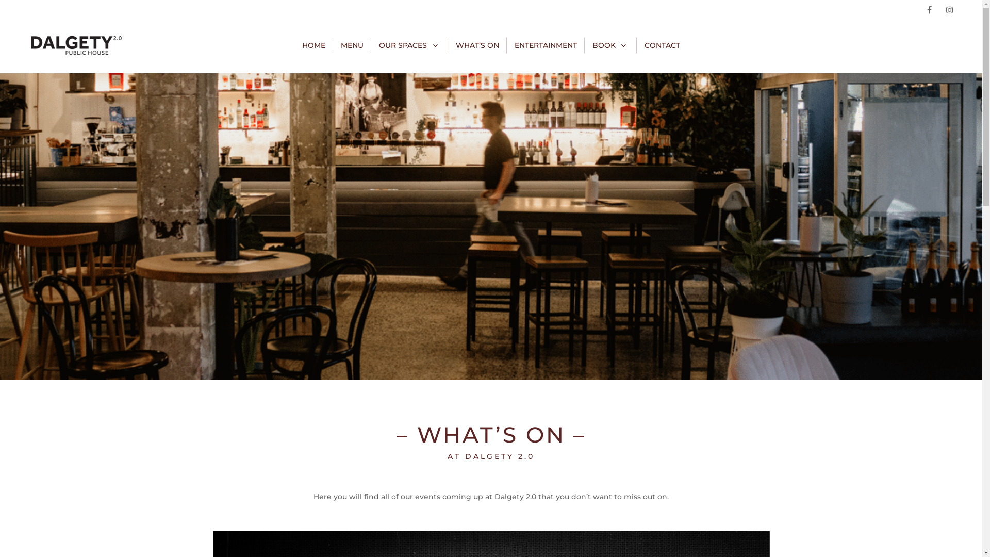 The image size is (990, 557). I want to click on 'BOOK', so click(592, 45).